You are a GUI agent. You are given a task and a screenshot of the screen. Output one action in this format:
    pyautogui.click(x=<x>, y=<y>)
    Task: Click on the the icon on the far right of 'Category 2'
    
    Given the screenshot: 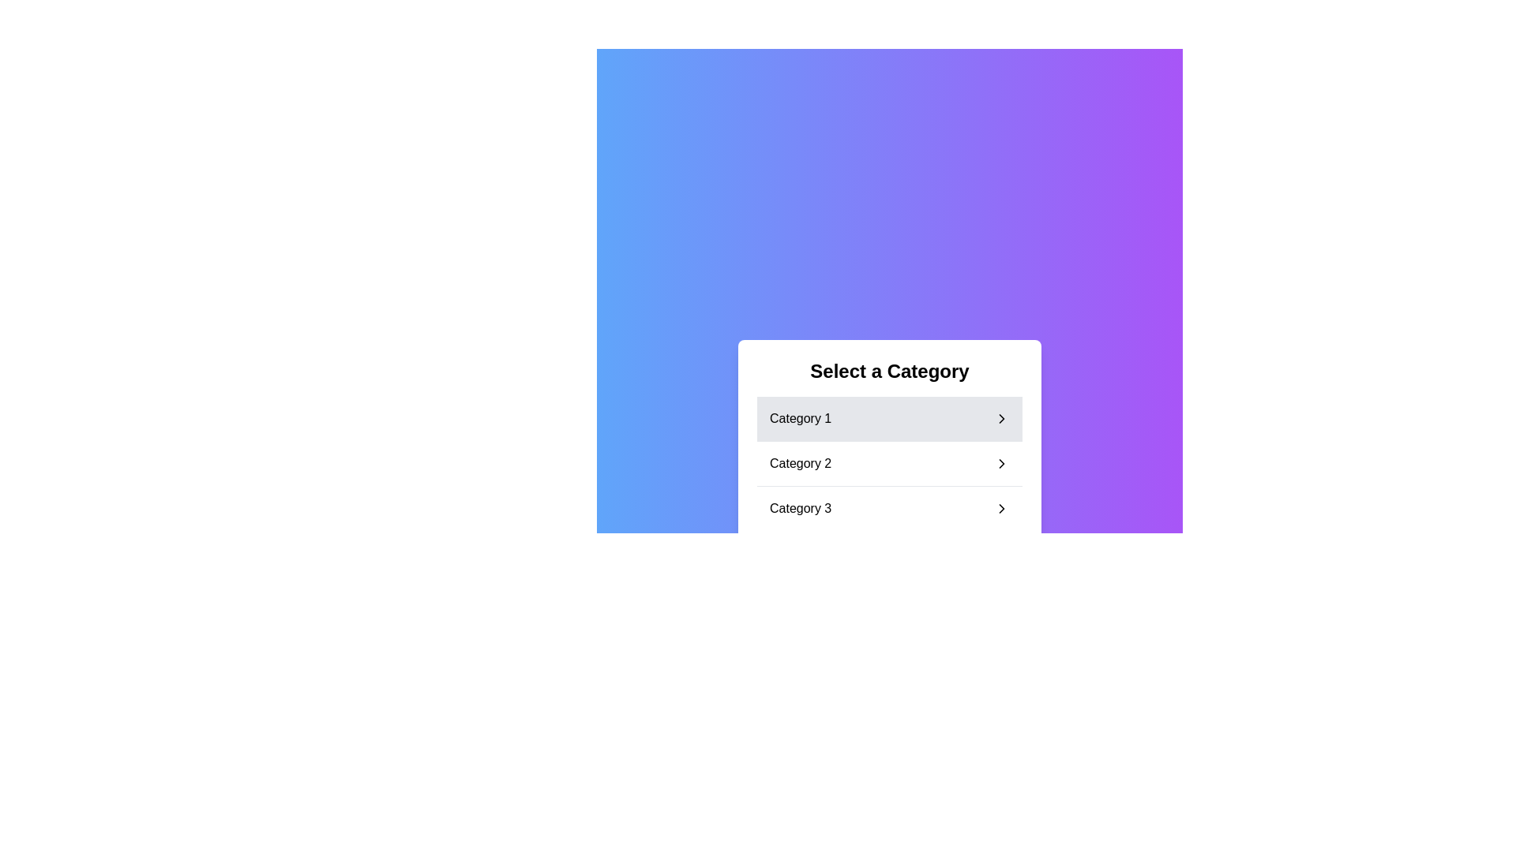 What is the action you would take?
    pyautogui.click(x=1000, y=462)
    